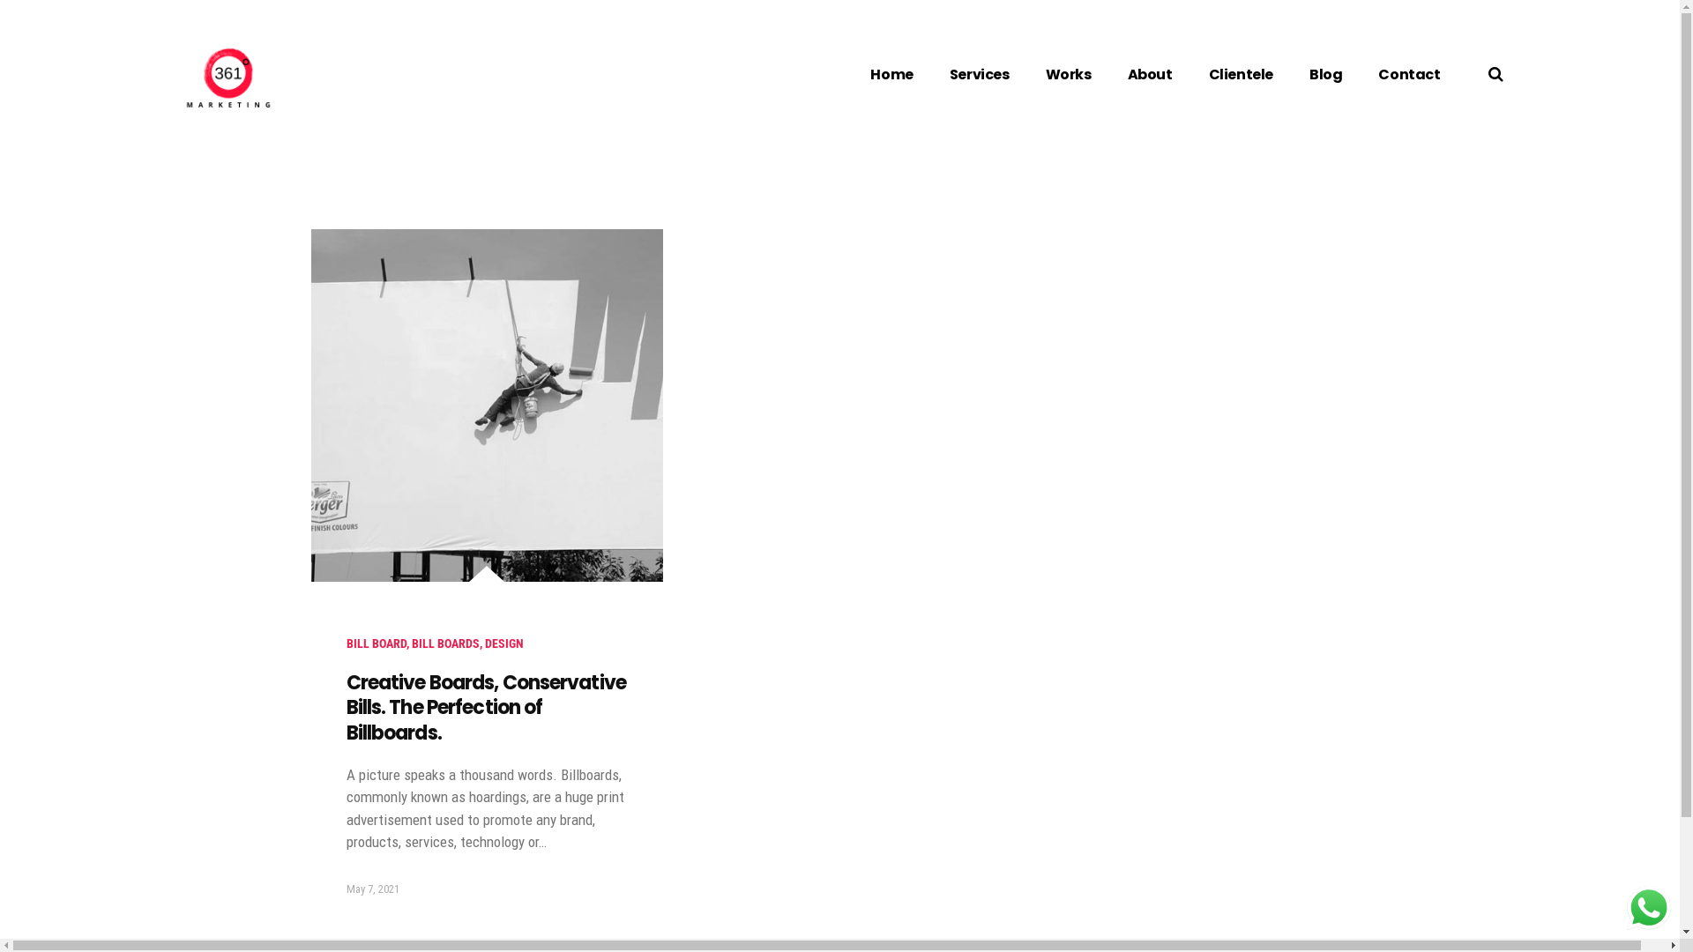 This screenshot has height=952, width=1693. What do you see at coordinates (1150, 73) in the screenshot?
I see `'About'` at bounding box center [1150, 73].